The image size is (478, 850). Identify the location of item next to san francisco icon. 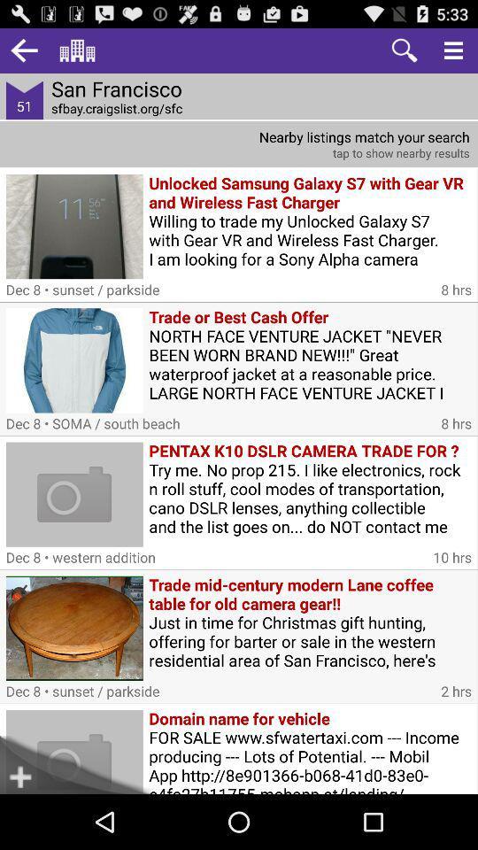
(23, 50).